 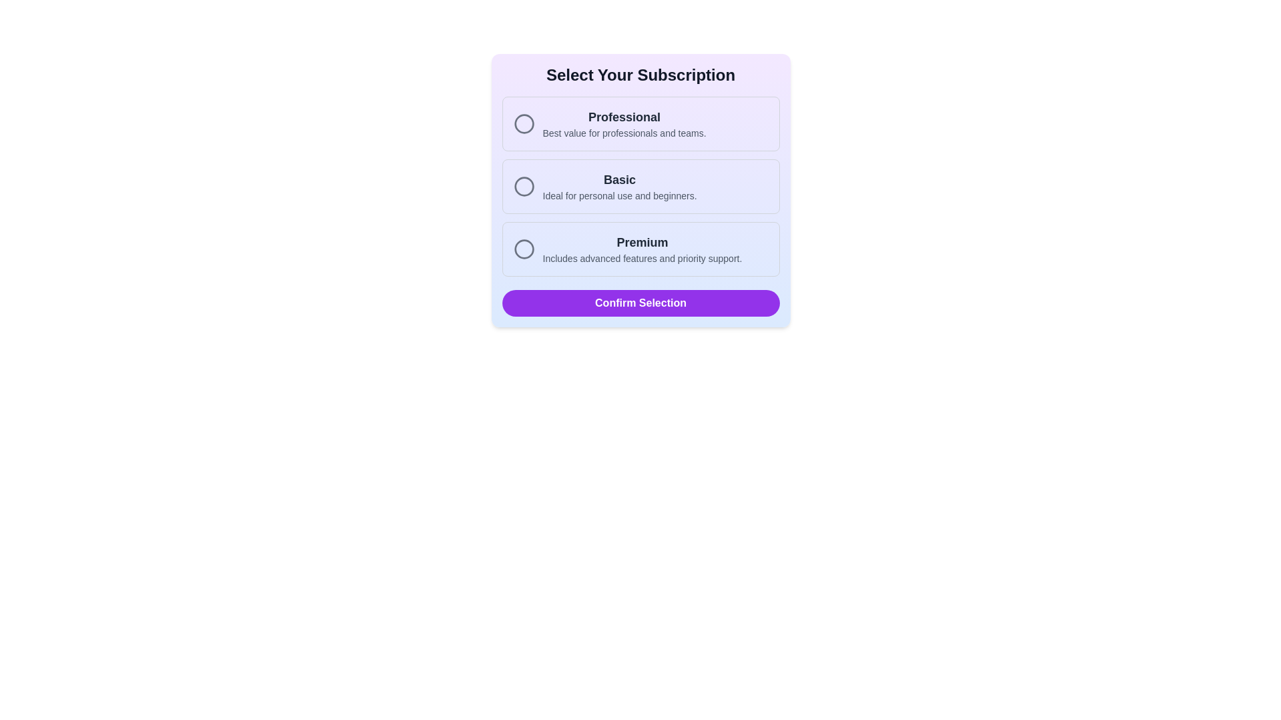 I want to click on the circular selection indicator of the 'Basic' subscription plan option to choose this plan, so click(x=640, y=187).